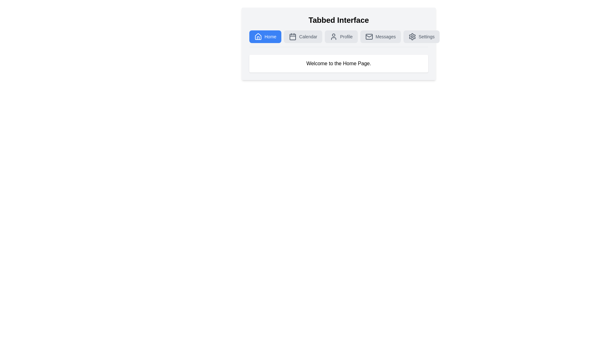 The image size is (609, 342). I want to click on the 'Calendar' text label in the navigation bar, so click(308, 36).